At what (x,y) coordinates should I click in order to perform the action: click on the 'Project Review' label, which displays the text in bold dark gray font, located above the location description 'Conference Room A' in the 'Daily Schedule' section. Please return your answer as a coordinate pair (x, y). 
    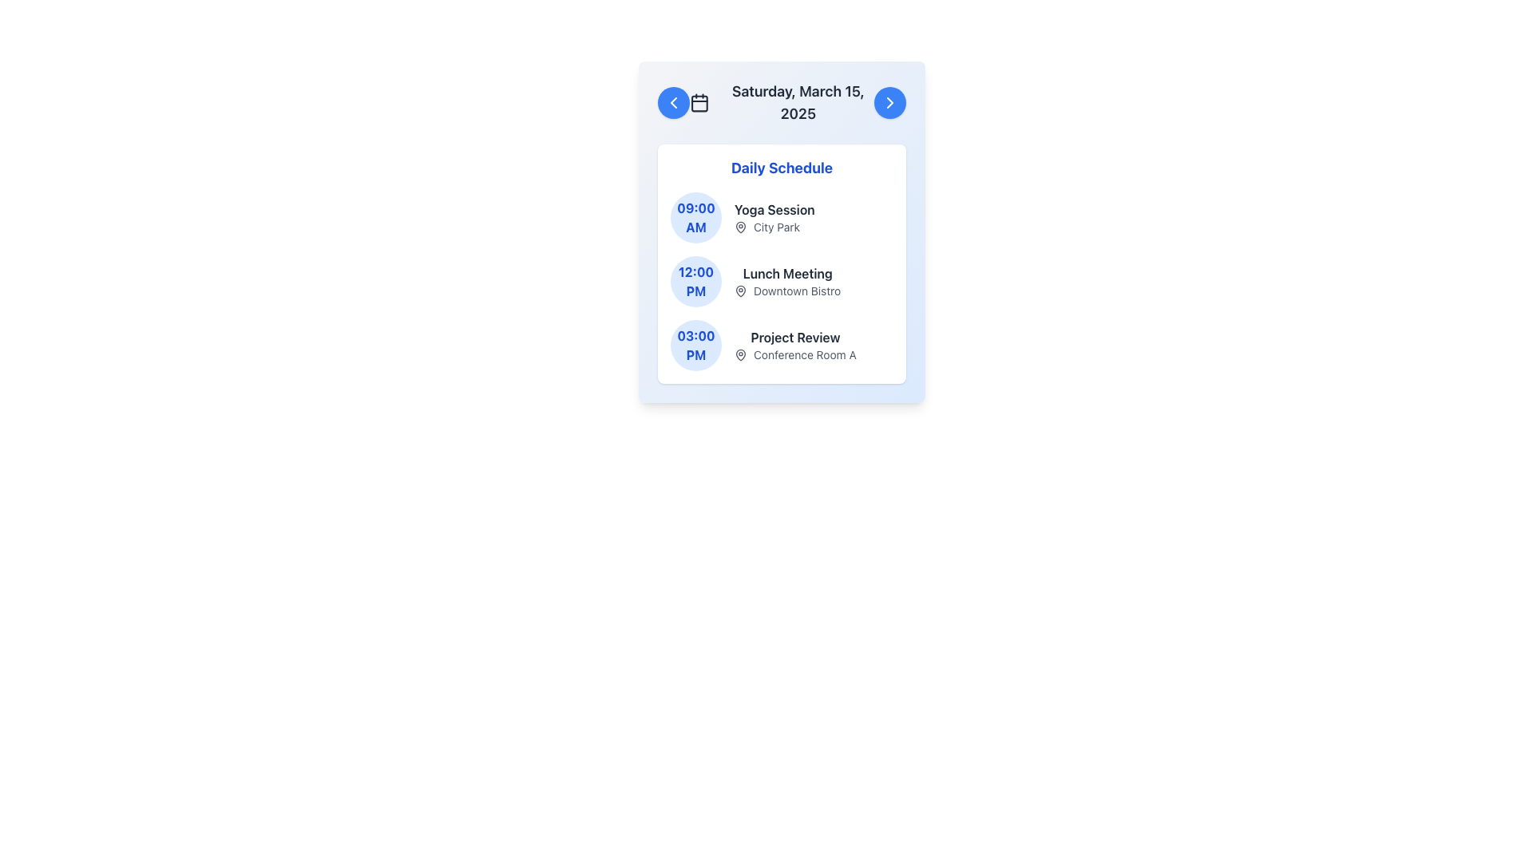
    Looking at the image, I should click on (795, 337).